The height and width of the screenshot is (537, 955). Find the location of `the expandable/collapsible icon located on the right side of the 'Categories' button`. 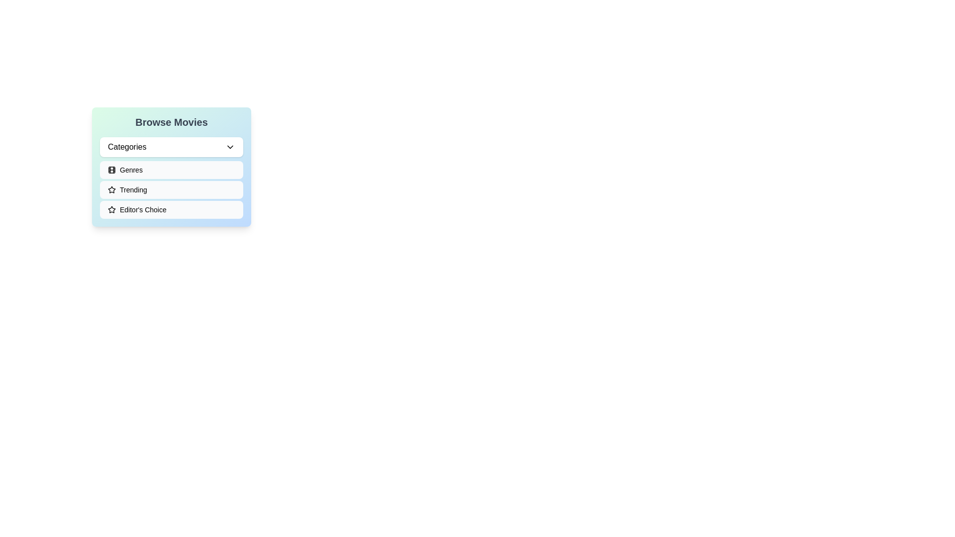

the expandable/collapsible icon located on the right side of the 'Categories' button is located at coordinates (229, 147).